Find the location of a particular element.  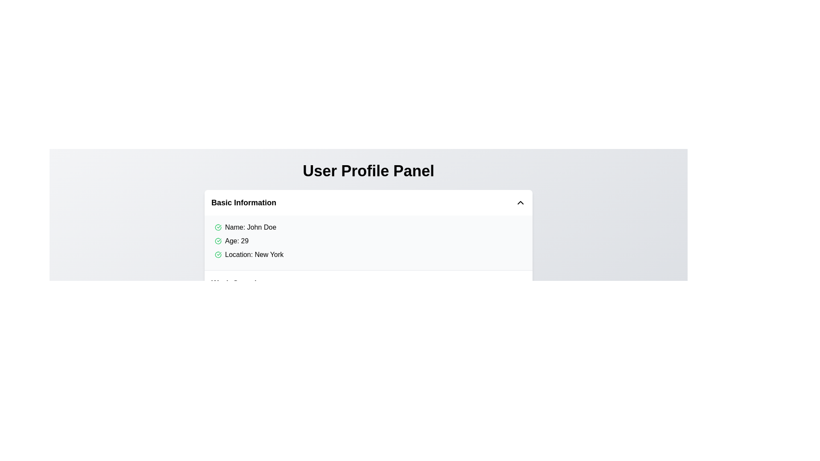

displayed text from the Text Label that serves as the title for the collapsible section, positioned centrally along the horizontal axis and to the left of a chevron icon is located at coordinates (243, 202).